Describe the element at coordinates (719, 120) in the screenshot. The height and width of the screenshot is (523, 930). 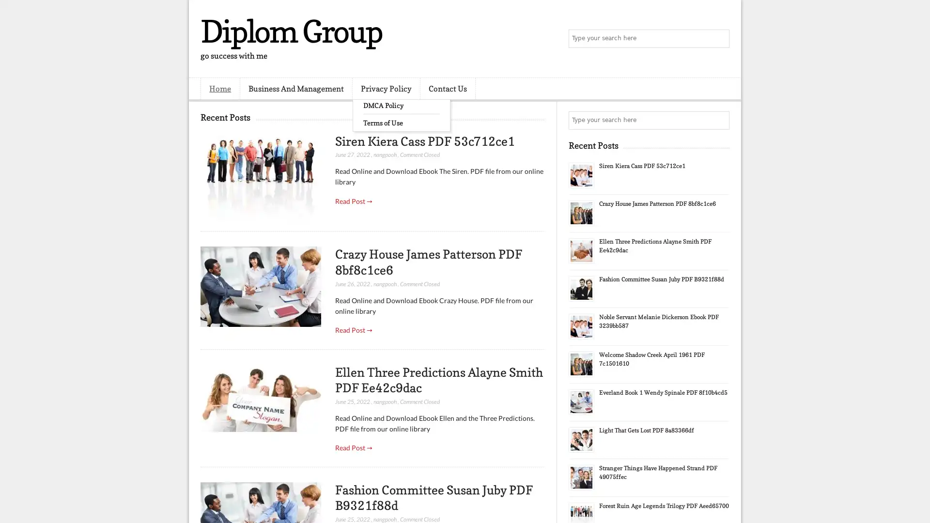
I see `Search` at that location.